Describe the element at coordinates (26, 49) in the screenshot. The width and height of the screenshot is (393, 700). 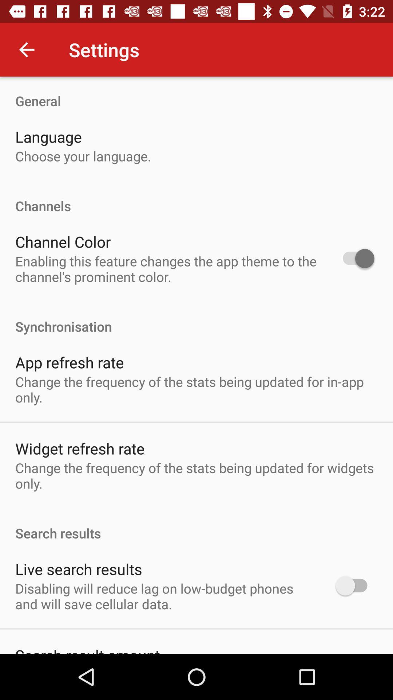
I see `the item next to the settings item` at that location.